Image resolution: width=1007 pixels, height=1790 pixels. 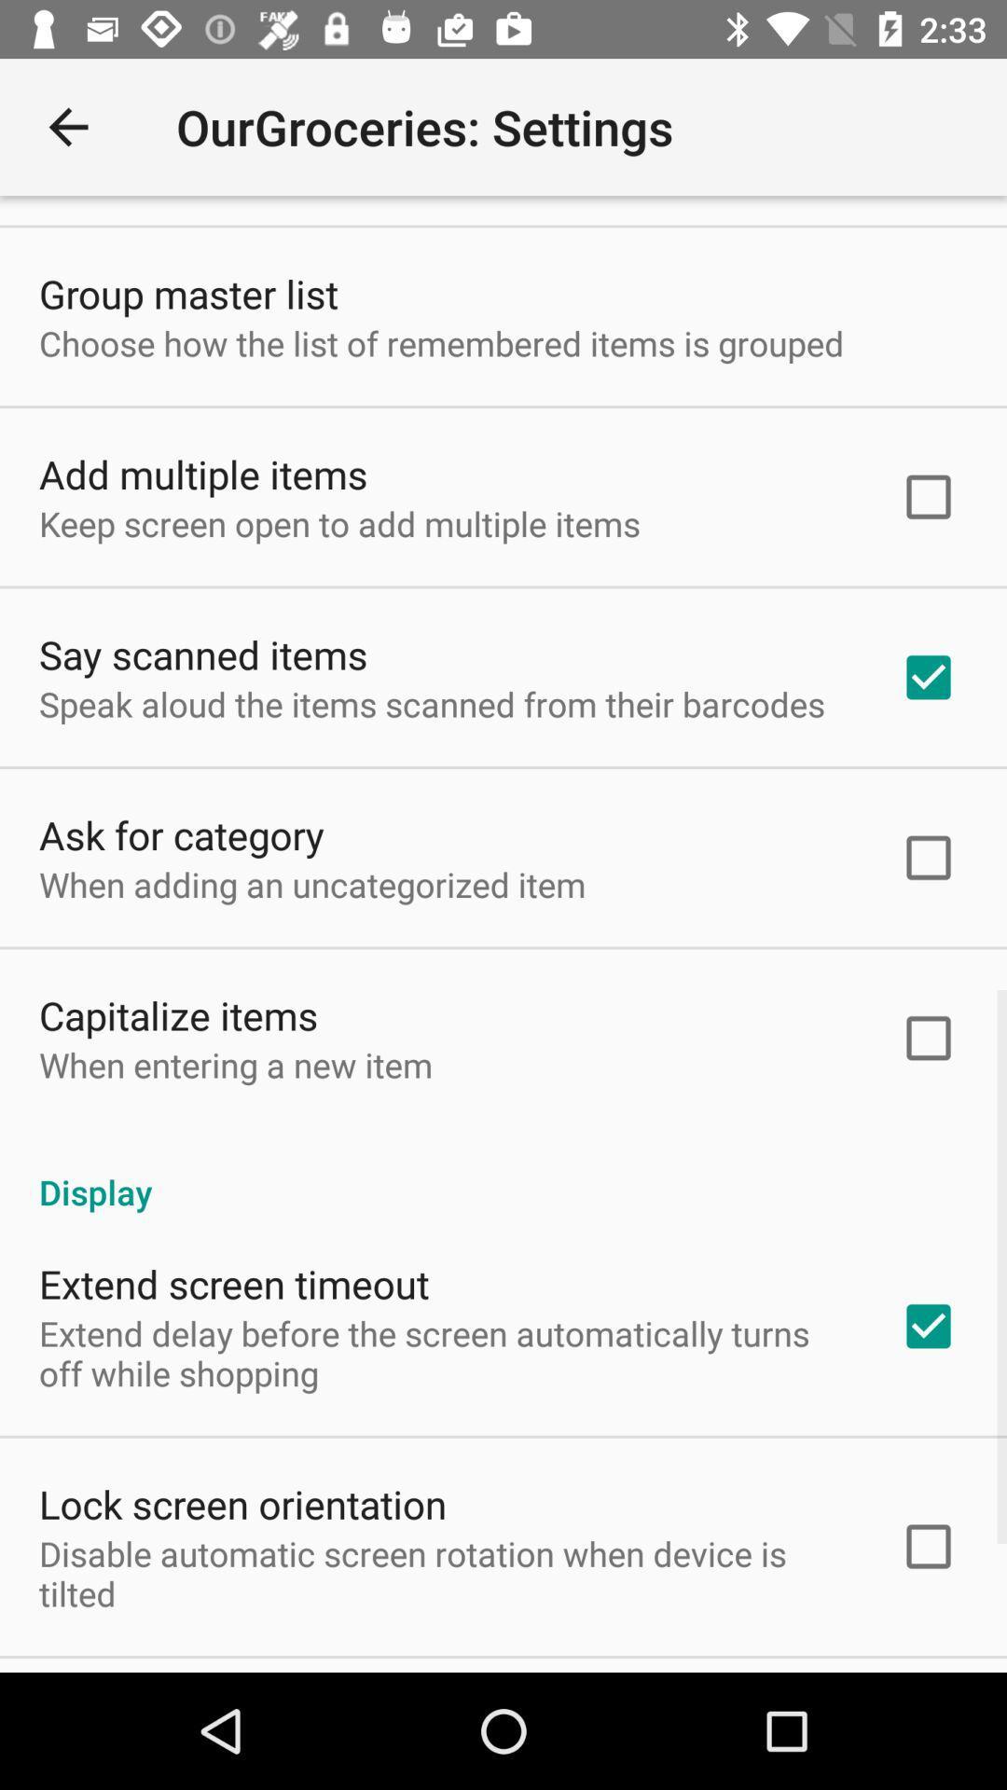 I want to click on icon next to ourgroceries: settings icon, so click(x=67, y=126).